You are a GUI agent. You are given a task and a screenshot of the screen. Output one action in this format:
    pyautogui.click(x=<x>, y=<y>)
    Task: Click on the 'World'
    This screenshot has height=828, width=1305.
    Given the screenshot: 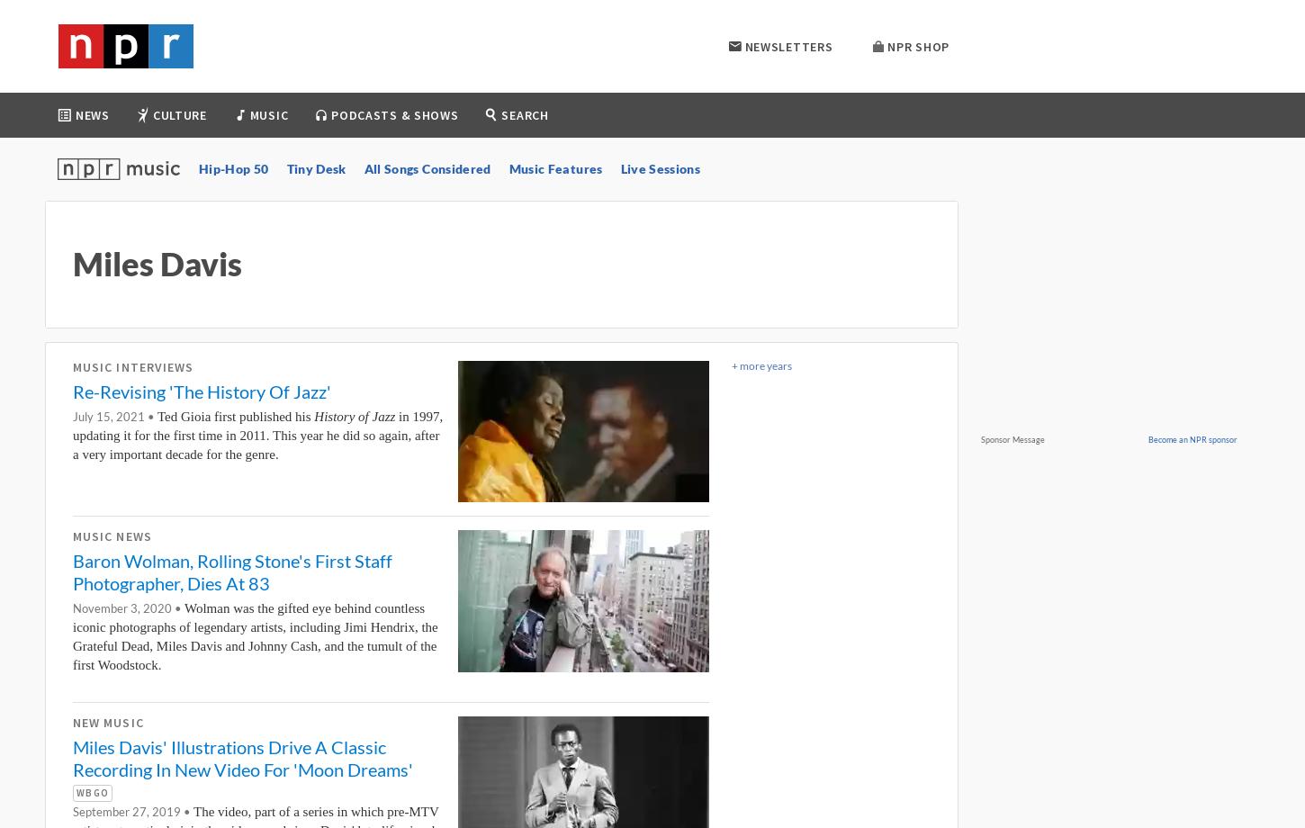 What is the action you would take?
    pyautogui.click(x=178, y=173)
    